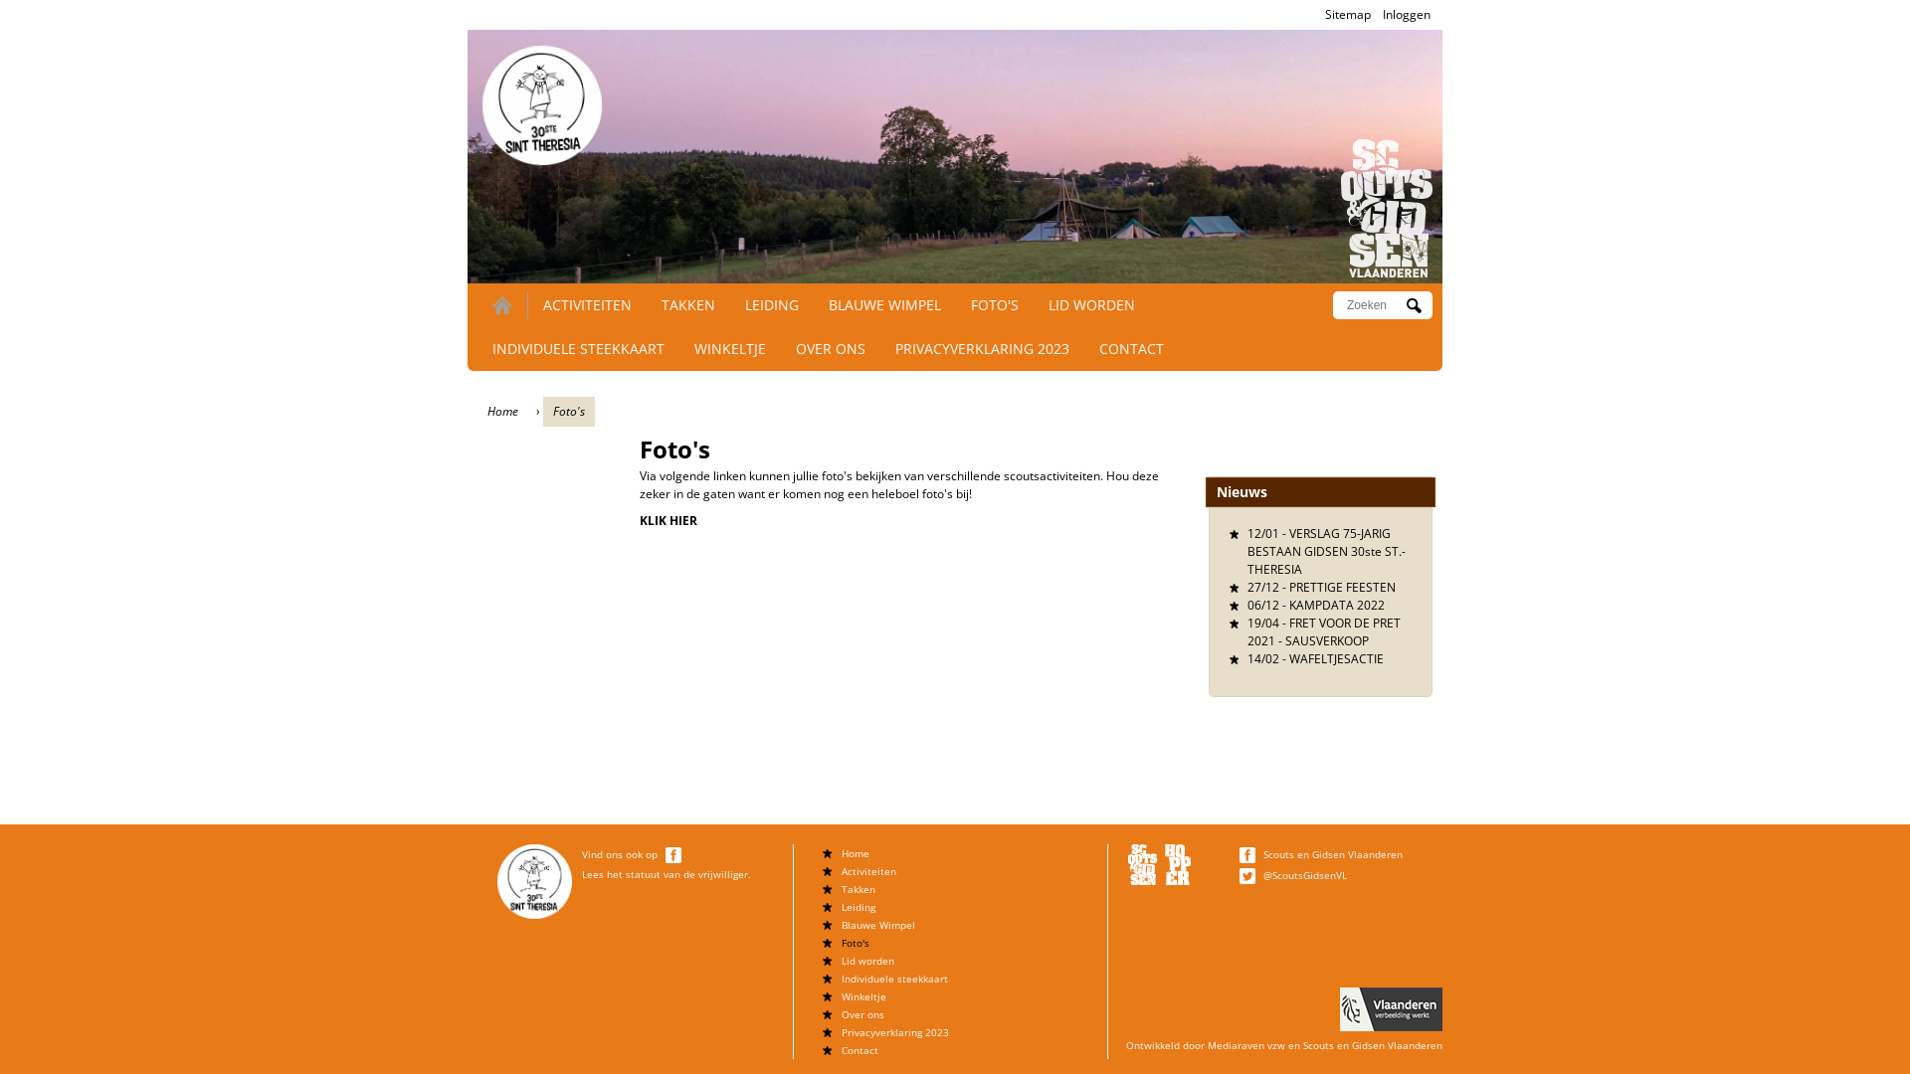  What do you see at coordinates (1304, 873) in the screenshot?
I see `'@ScoutsGidsenVL'` at bounding box center [1304, 873].